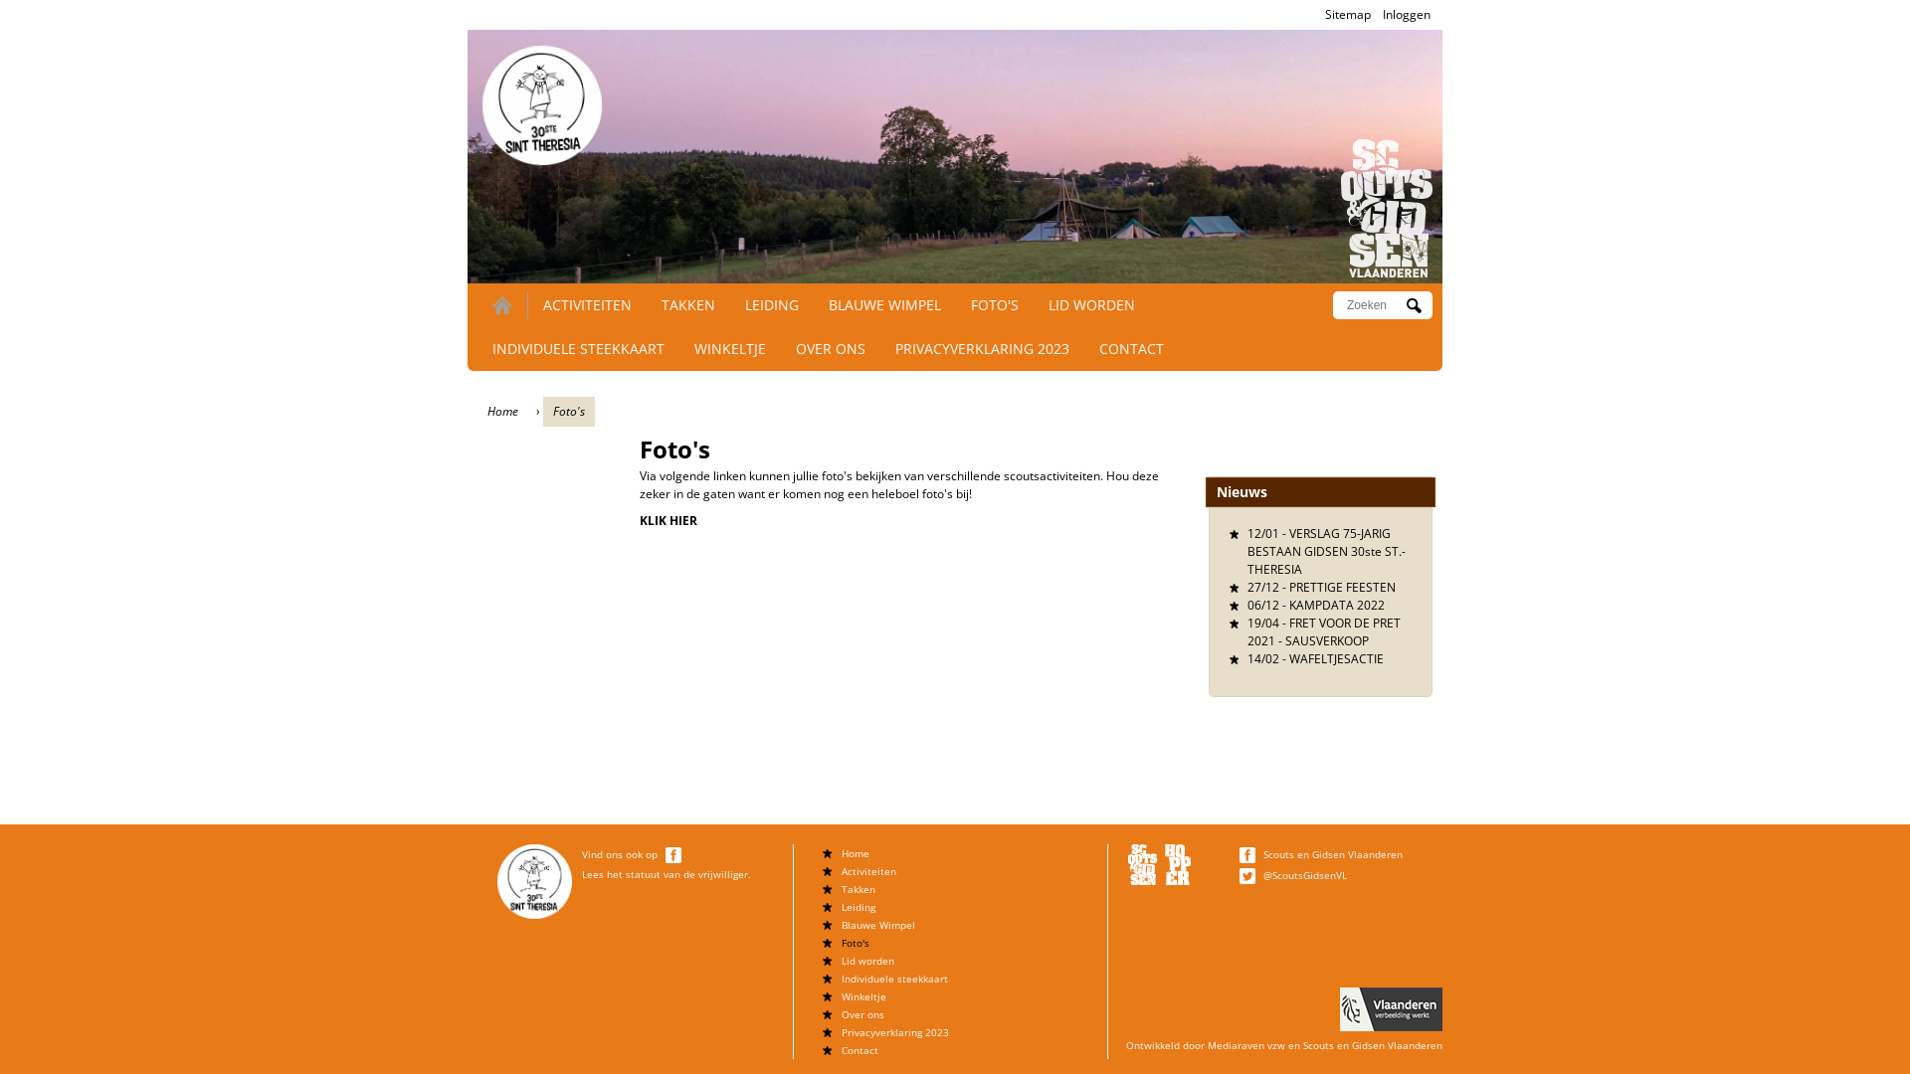  What do you see at coordinates (1304, 873) in the screenshot?
I see `'@ScoutsGidsenVL'` at bounding box center [1304, 873].